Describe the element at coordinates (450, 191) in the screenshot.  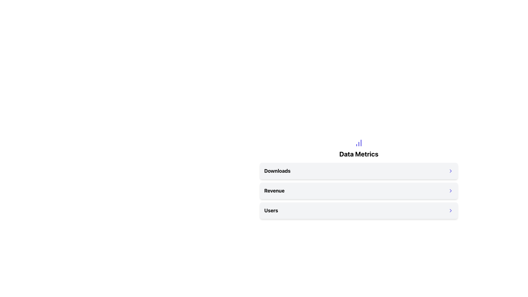
I see `the inner part of the right-pointing chevron arrow in the 'Revenue' list item` at that location.